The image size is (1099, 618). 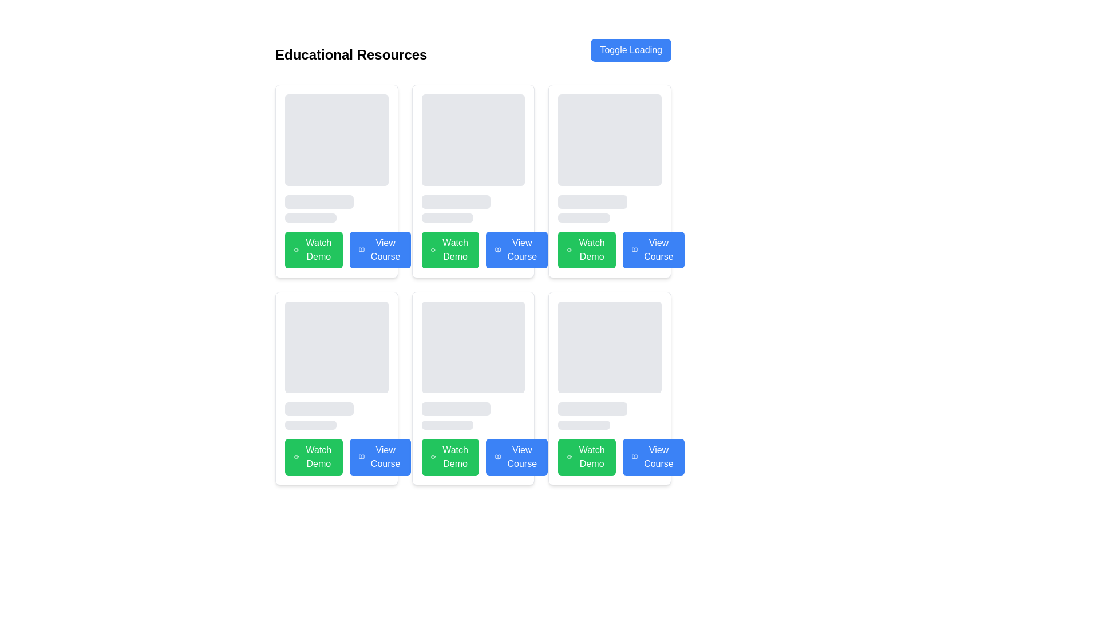 What do you see at coordinates (634, 249) in the screenshot?
I see `the left-aligned icon within the blue button labeled 'View Course' in the second column of the first row of the grid layout` at bounding box center [634, 249].